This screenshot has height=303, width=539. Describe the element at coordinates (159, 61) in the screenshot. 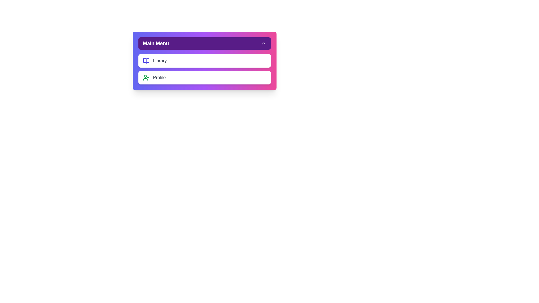

I see `text label for the 'Library' menu option, which is located in the middle-right section of the second item in the main navigation menu, immediately following the book icon` at that location.